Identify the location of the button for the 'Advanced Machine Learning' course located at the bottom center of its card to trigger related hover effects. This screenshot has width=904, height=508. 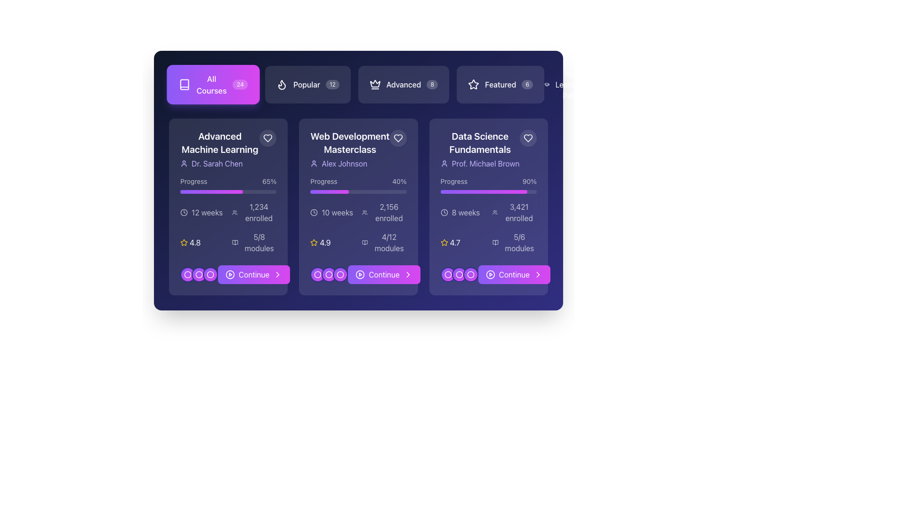
(254, 274).